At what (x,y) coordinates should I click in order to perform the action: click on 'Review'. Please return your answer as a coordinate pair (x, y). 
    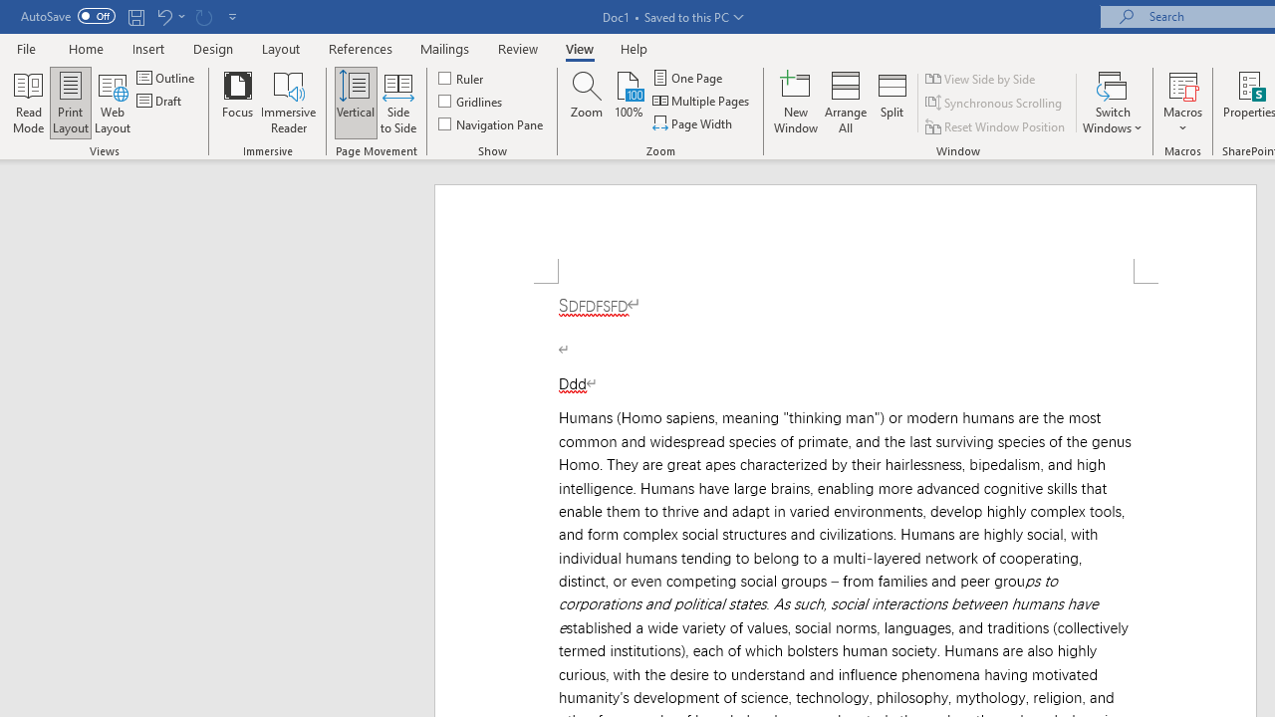
    Looking at the image, I should click on (518, 48).